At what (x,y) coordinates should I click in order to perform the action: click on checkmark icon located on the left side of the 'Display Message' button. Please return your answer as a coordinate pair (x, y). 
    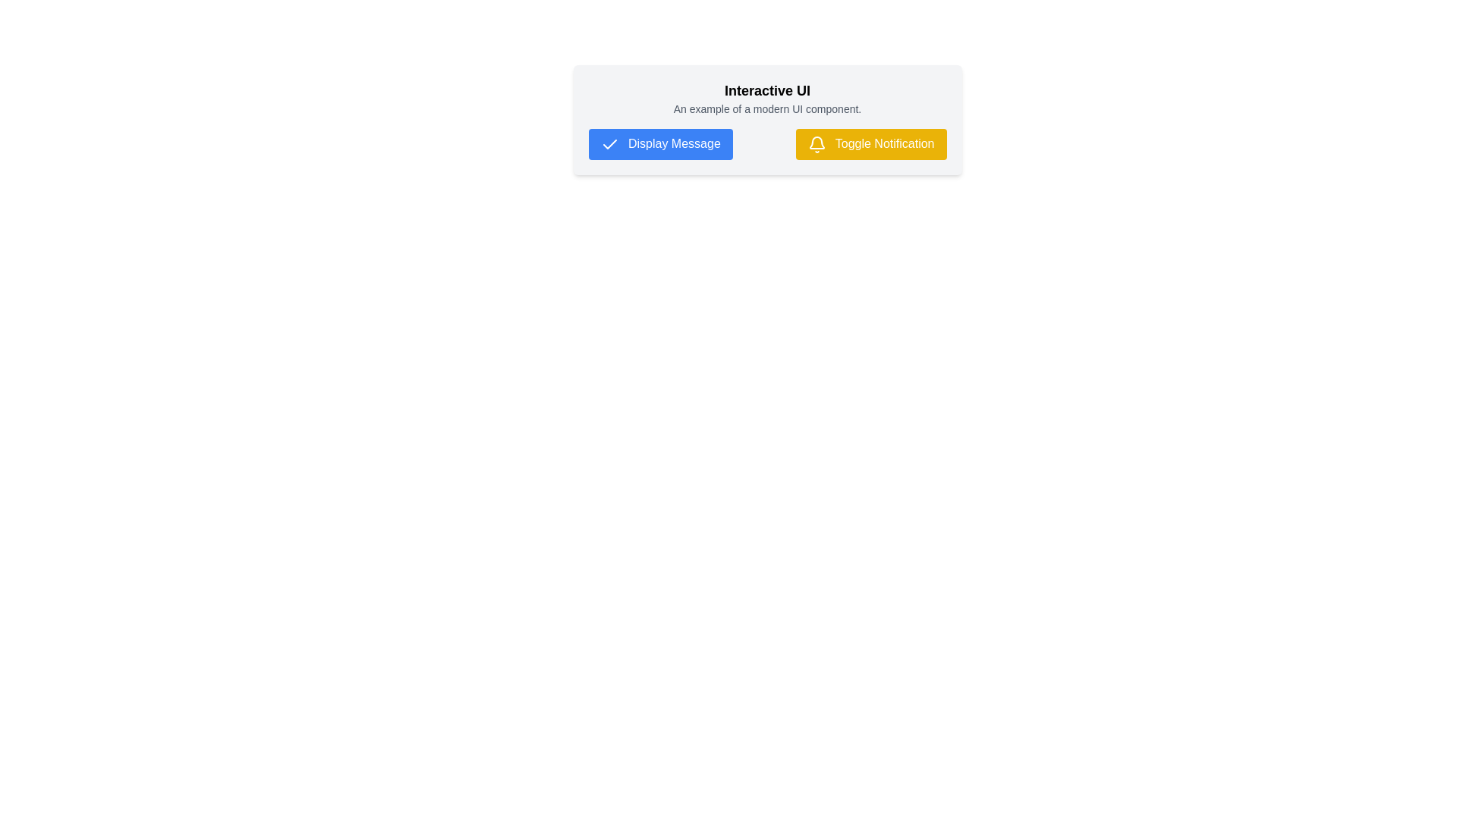
    Looking at the image, I should click on (609, 144).